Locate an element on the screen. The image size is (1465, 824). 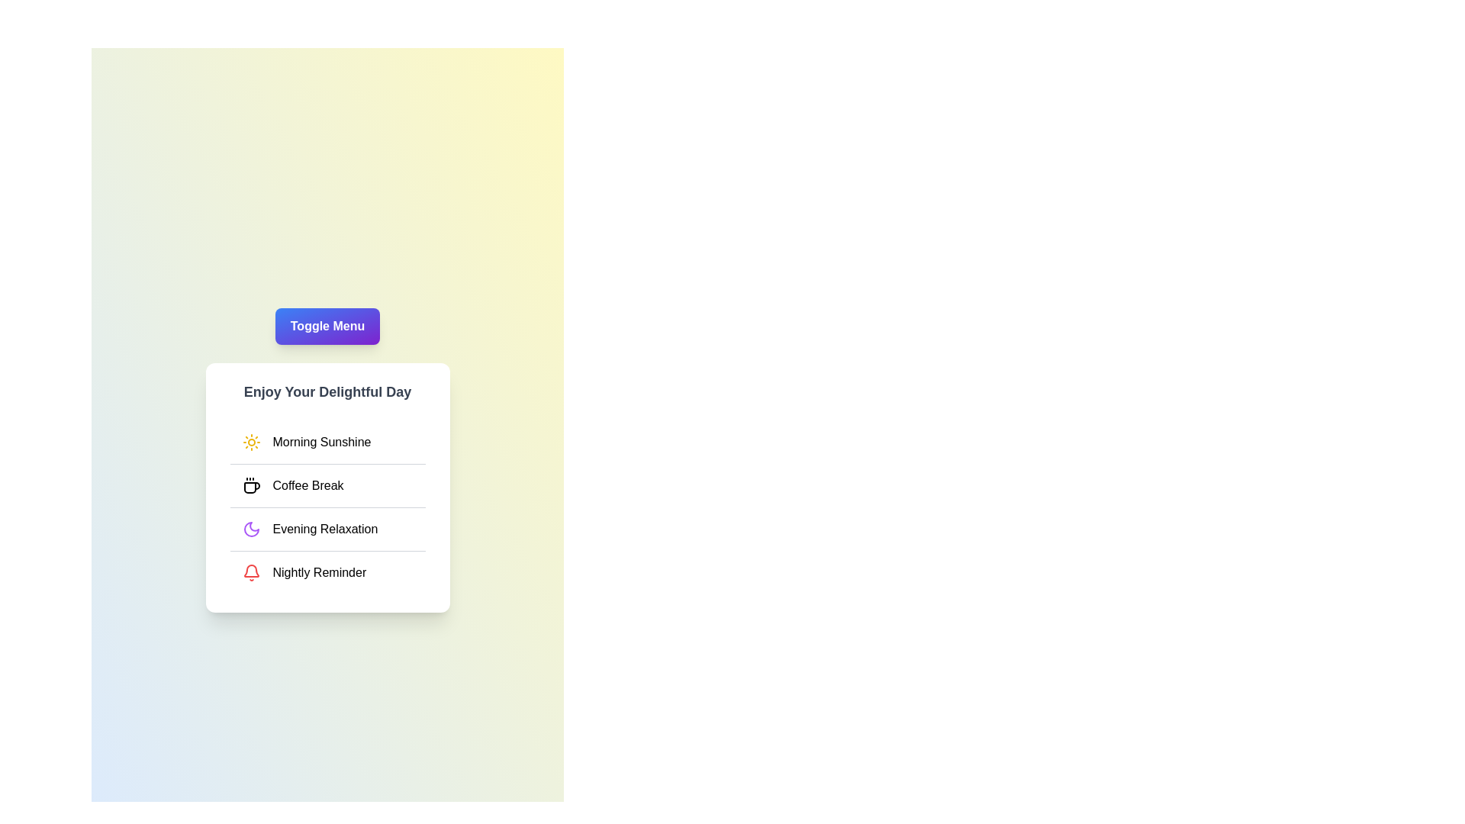
the menu item Morning Sunshine is located at coordinates (327, 442).